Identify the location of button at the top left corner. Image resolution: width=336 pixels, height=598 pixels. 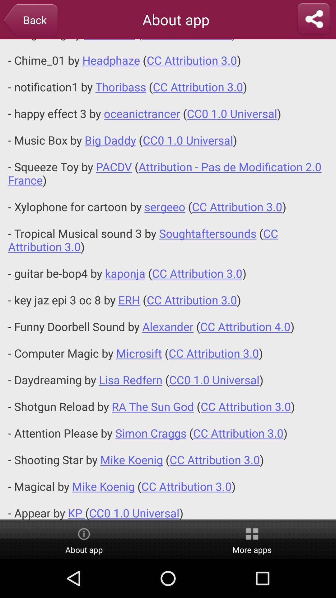
(30, 21).